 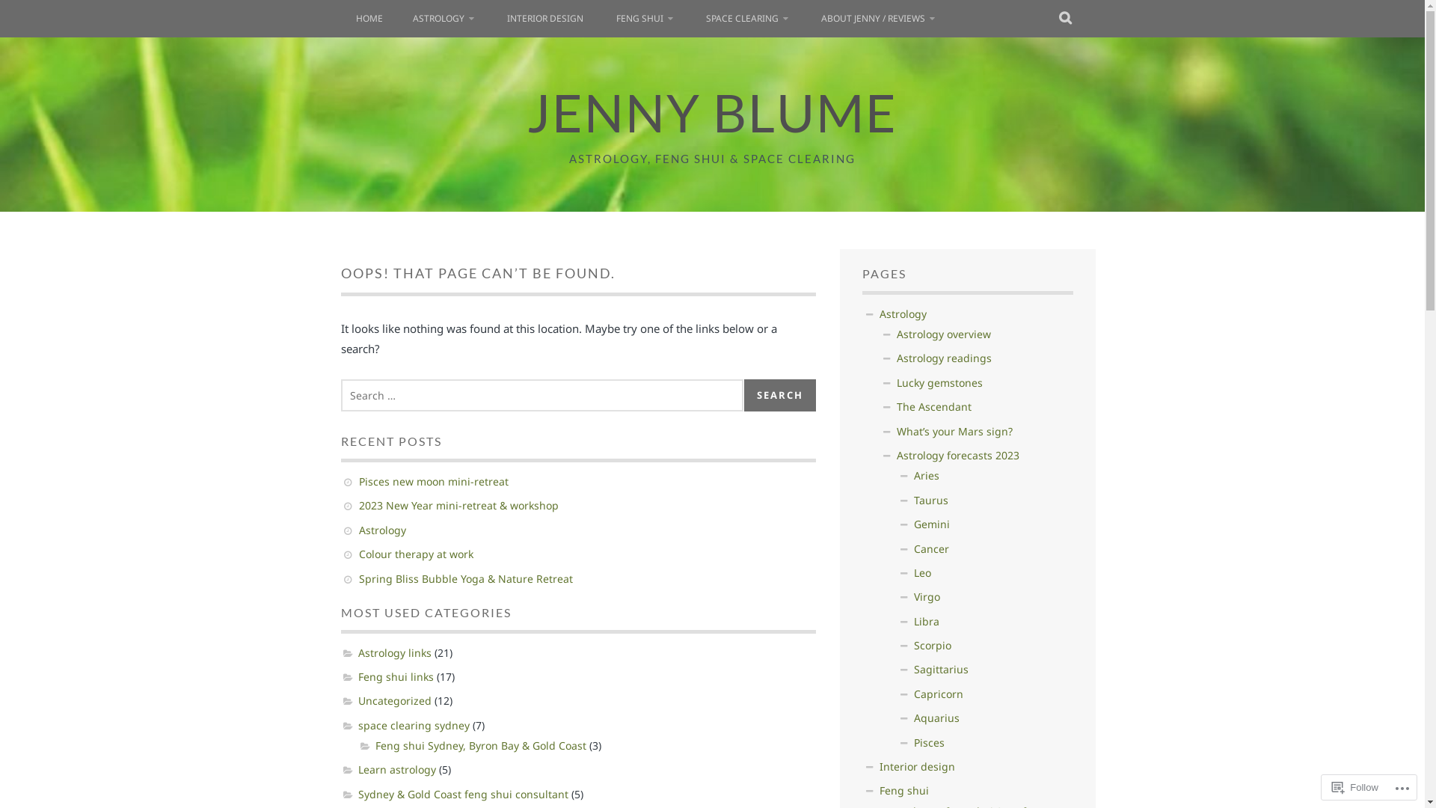 I want to click on 'Spring Bliss Bubble Yoga & Nature Retreat', so click(x=465, y=578).